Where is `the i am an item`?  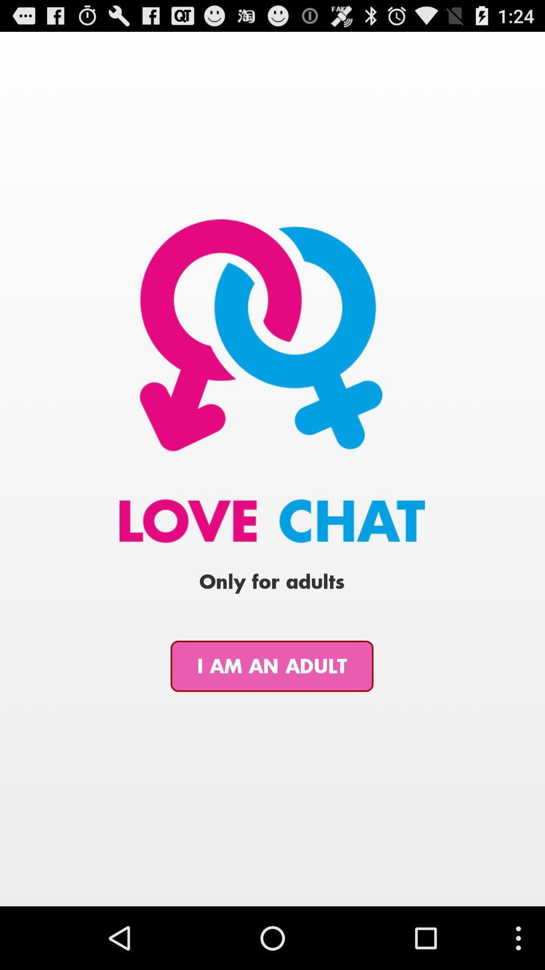 the i am an item is located at coordinates (271, 666).